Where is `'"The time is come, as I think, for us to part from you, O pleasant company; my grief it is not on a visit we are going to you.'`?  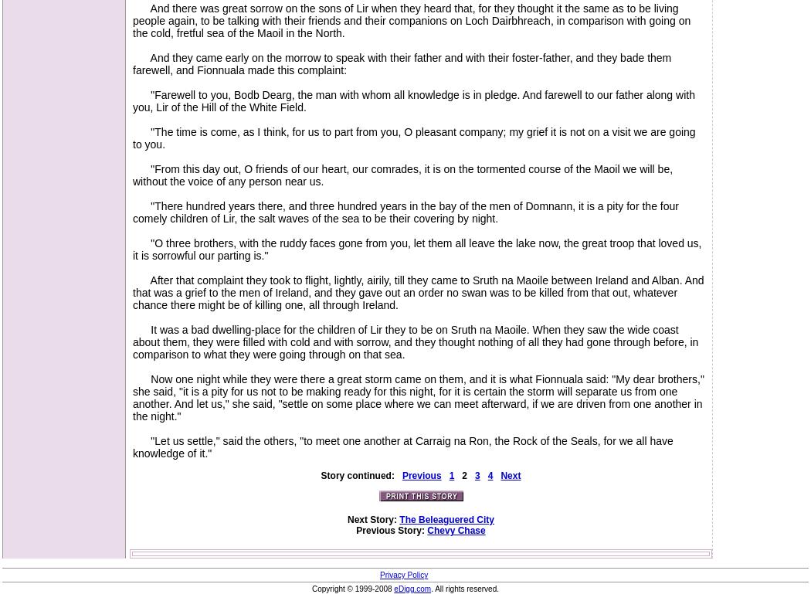
'"The time is come, as I think, for us to part from you, O pleasant company; my grief it is not on a visit we are going to you.' is located at coordinates (414, 138).